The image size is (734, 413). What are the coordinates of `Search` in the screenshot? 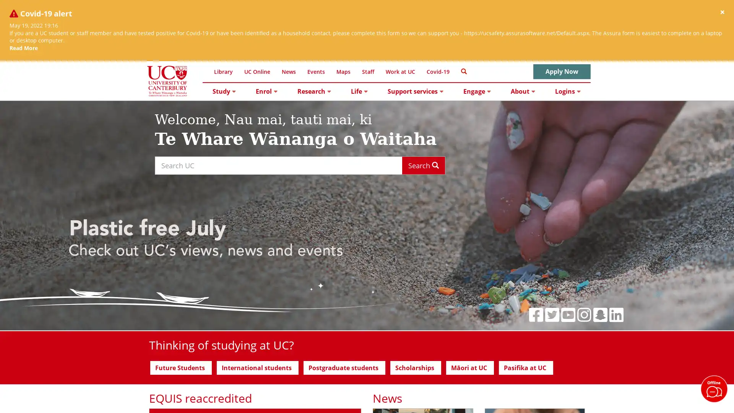 It's located at (463, 71).